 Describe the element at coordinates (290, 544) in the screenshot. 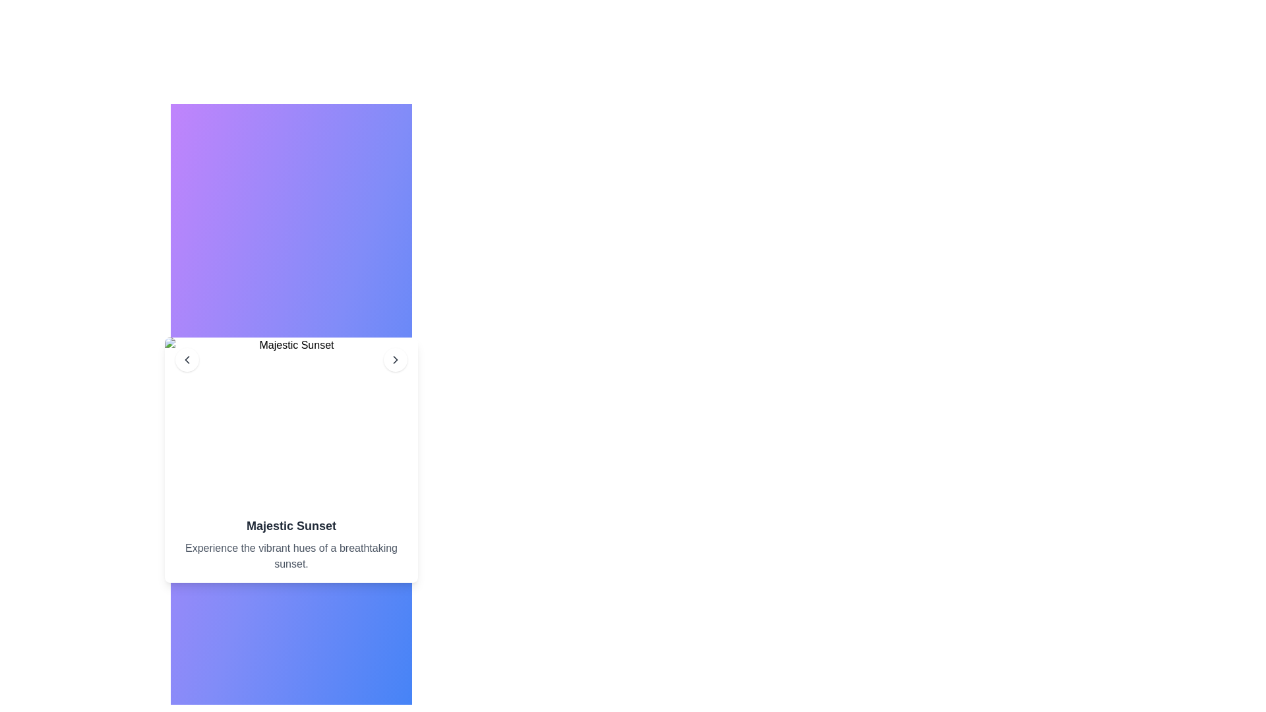

I see `the centrally placed text block that serves as a descriptive caption for the image above` at that location.